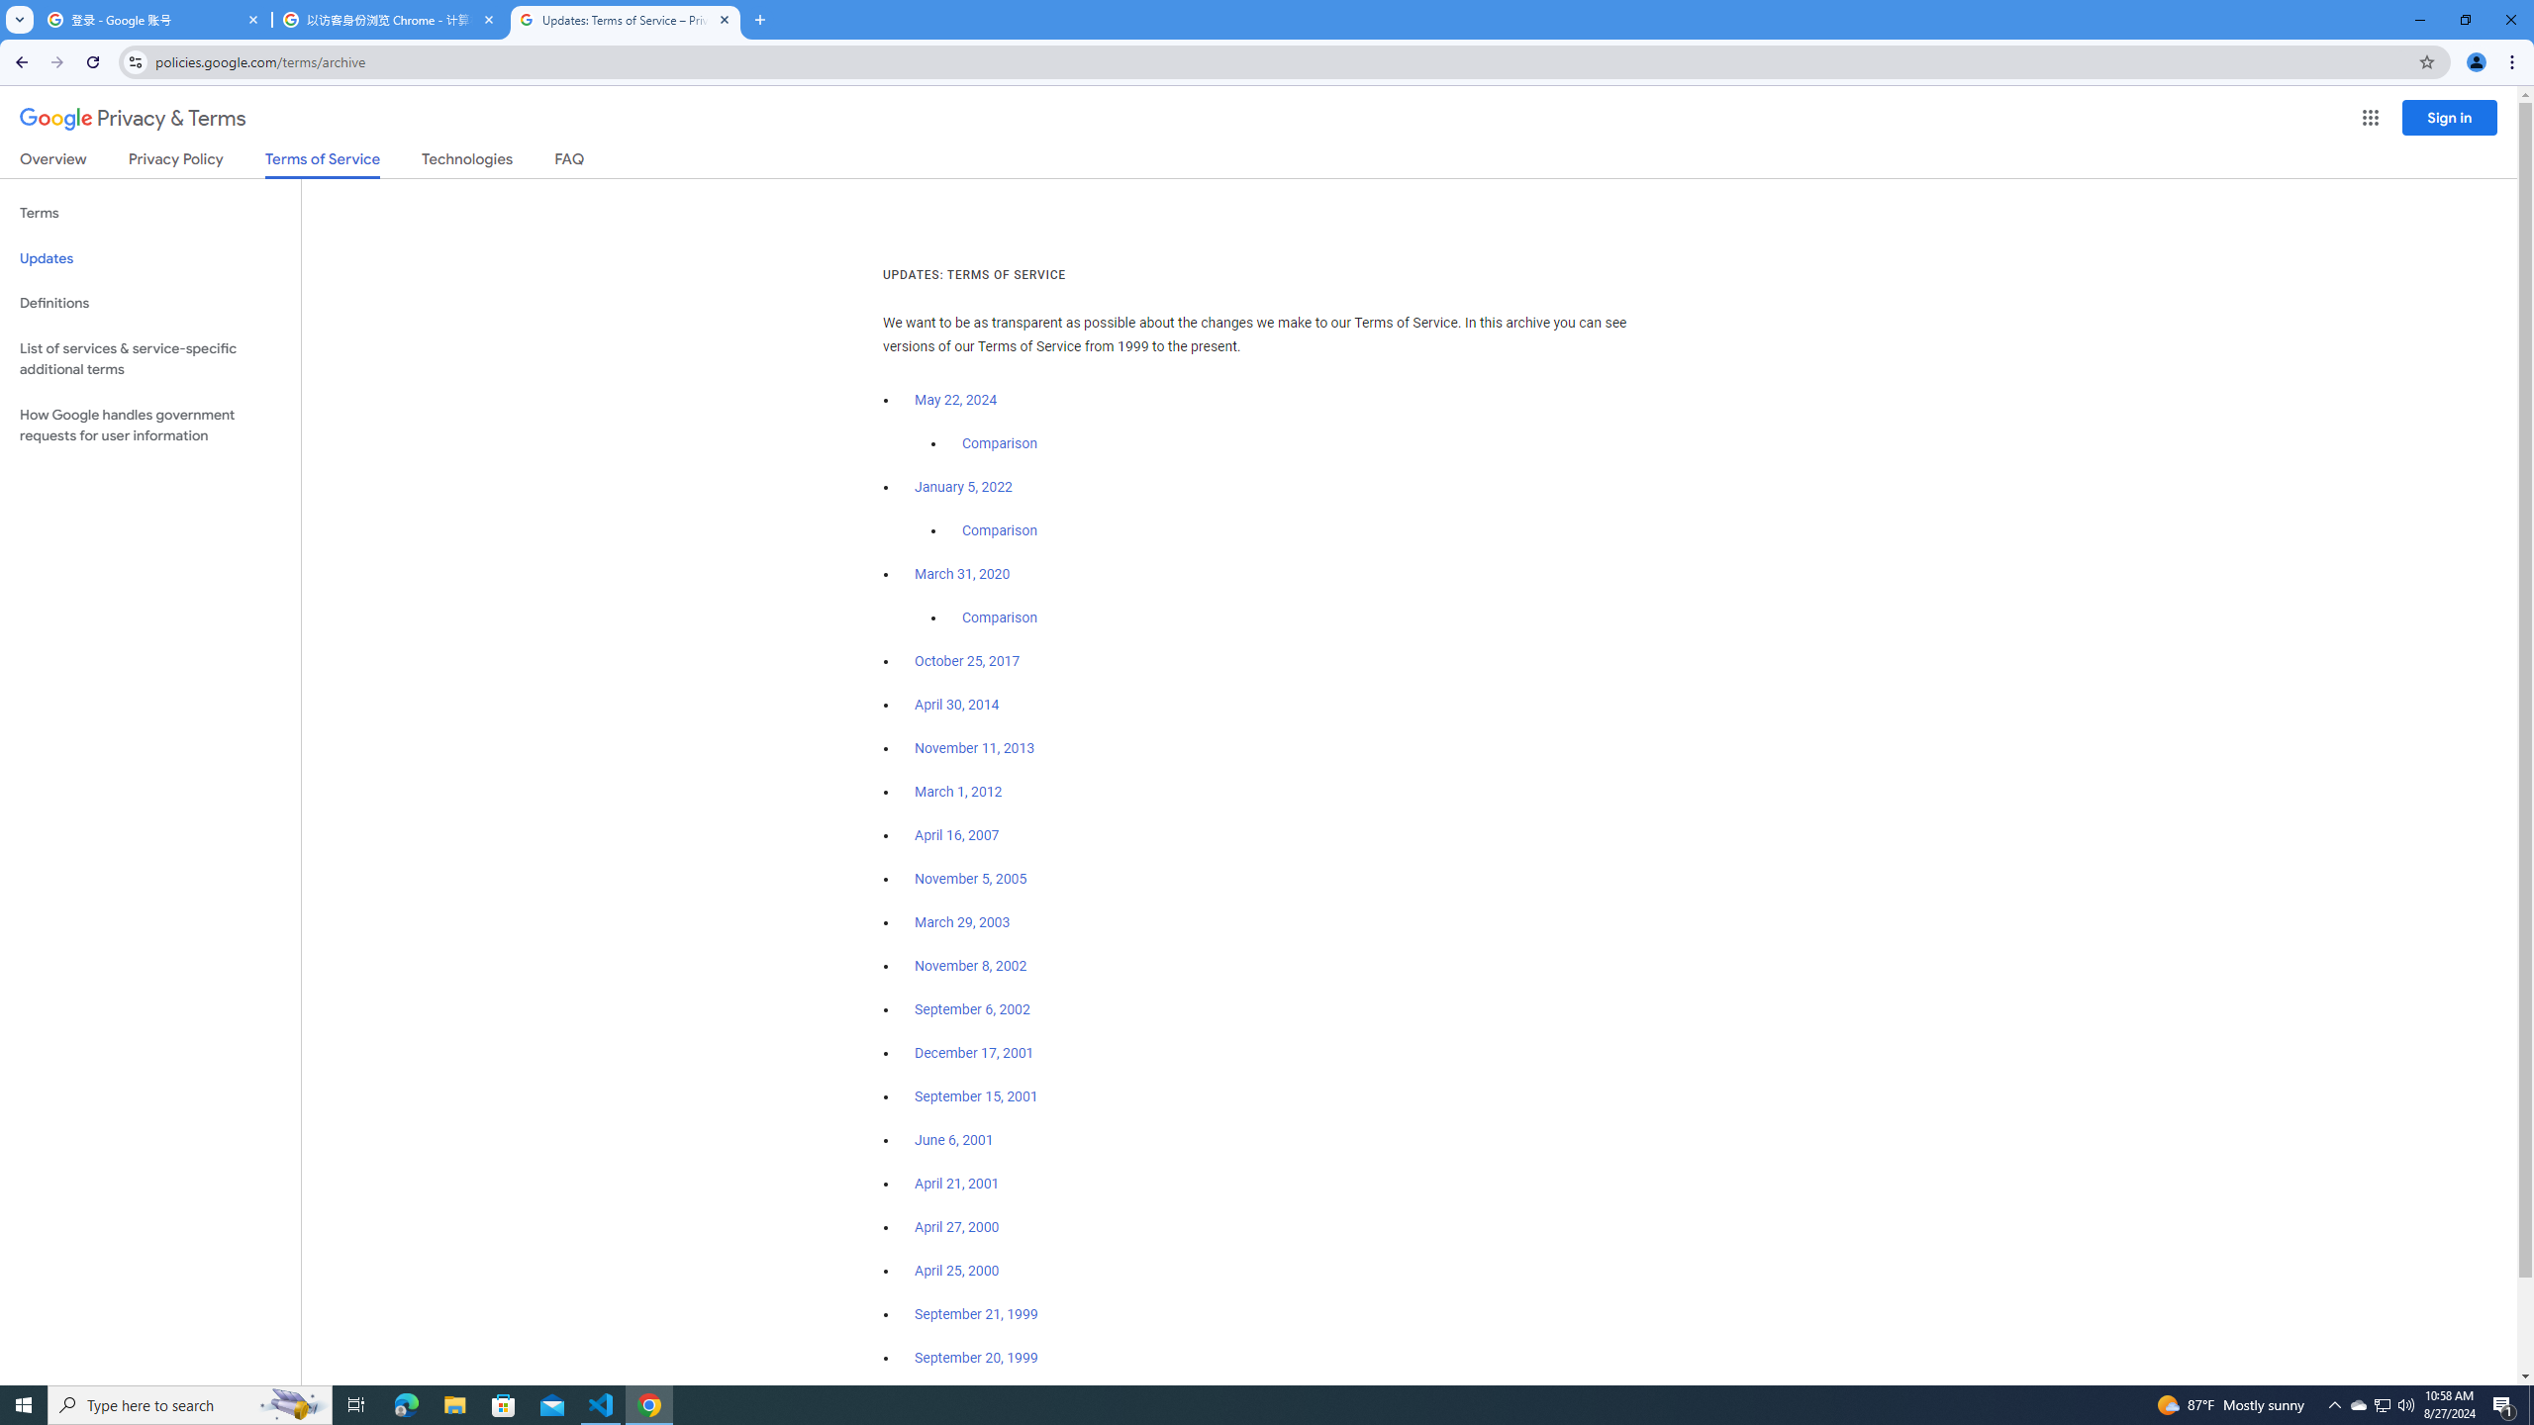 The height and width of the screenshot is (1425, 2534). I want to click on 'December 17, 2001', so click(973, 1053).